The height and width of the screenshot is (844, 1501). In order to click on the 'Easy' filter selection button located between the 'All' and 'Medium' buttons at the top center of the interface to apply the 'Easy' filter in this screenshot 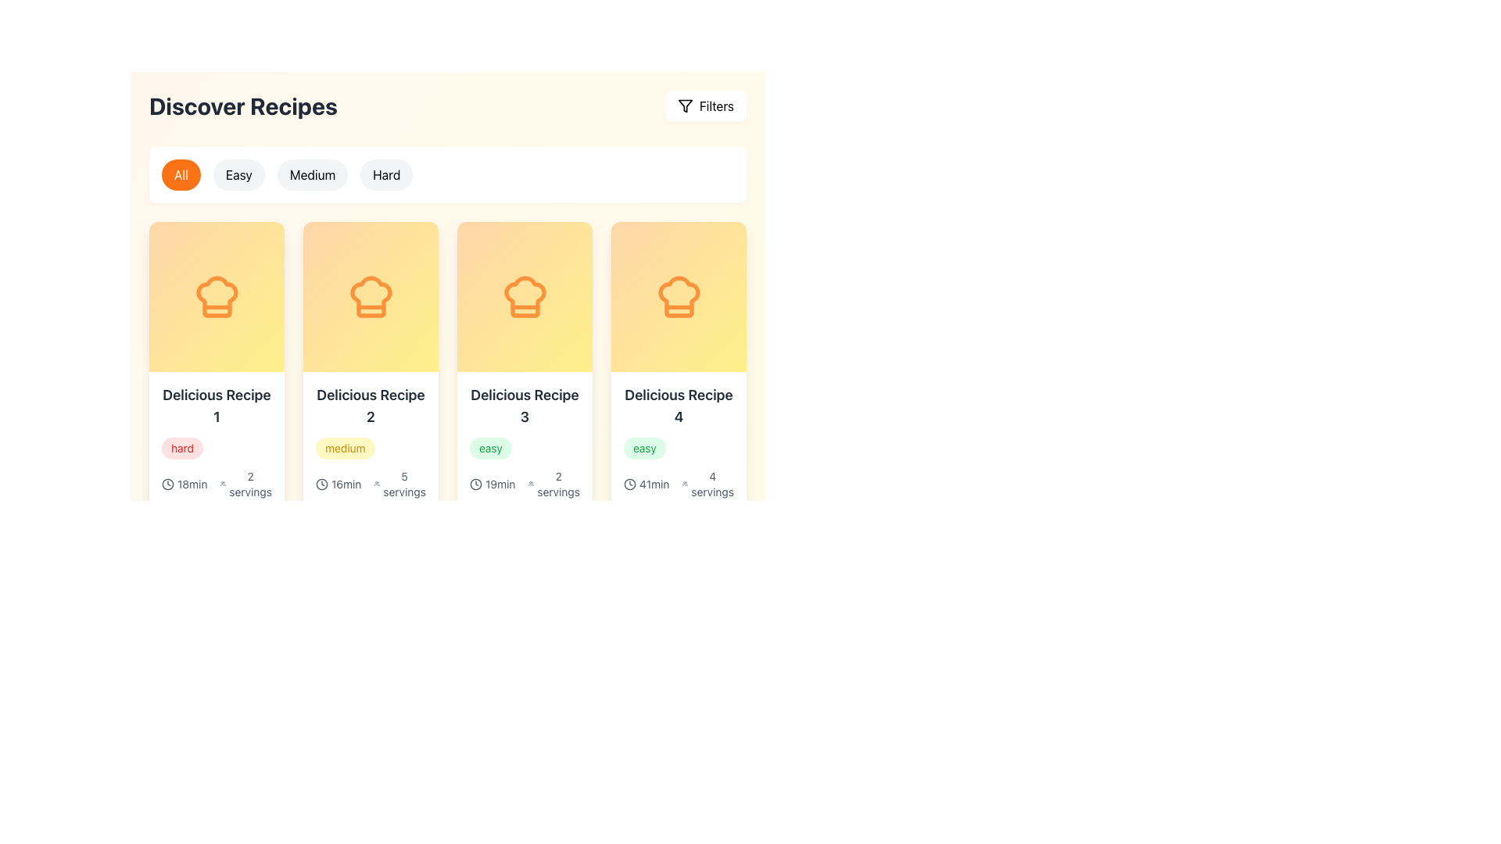, I will do `click(238, 174)`.